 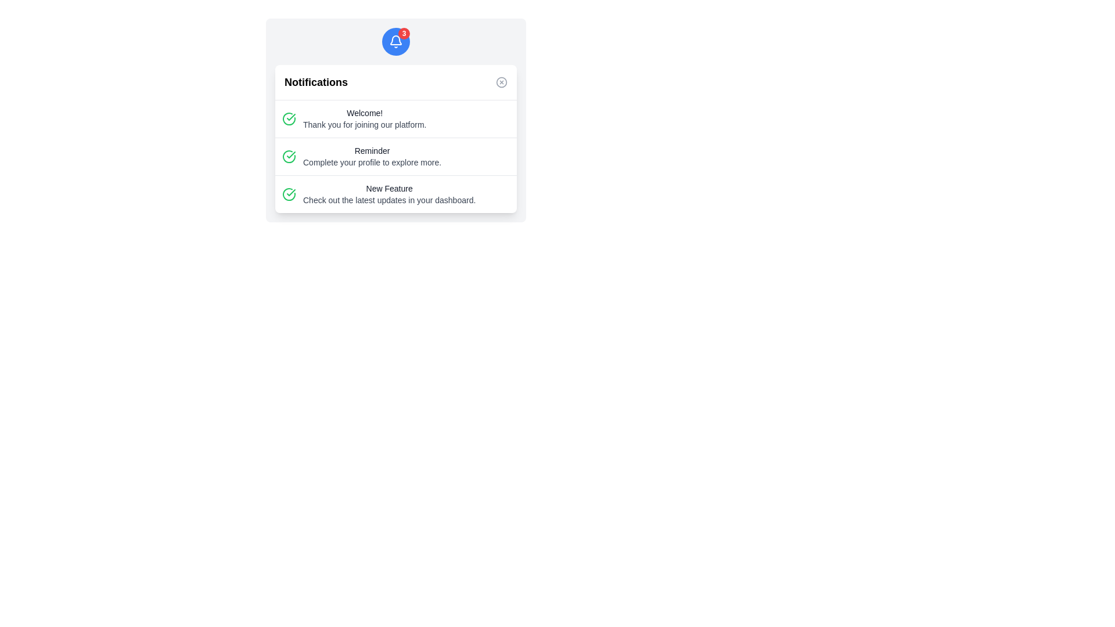 I want to click on the reminder message text located in the notification panel, directly below the 'Reminder' heading, so click(x=372, y=163).